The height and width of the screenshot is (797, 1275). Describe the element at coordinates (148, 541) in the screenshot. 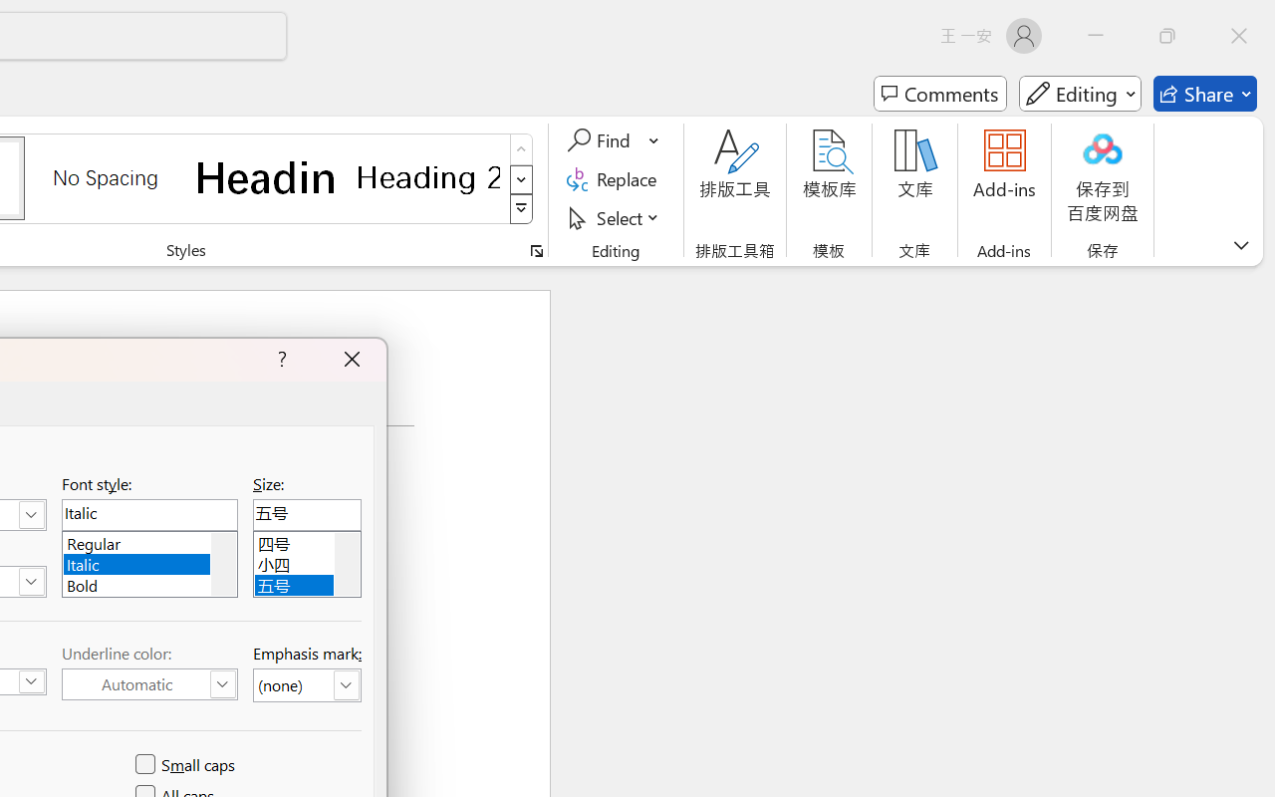

I see `'Regular'` at that location.